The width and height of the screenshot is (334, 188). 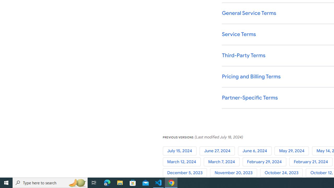 I want to click on 'May 29, 2024', so click(x=293, y=151).